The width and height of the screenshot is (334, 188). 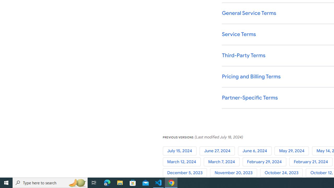 I want to click on 'May 29, 2024', so click(x=293, y=151).